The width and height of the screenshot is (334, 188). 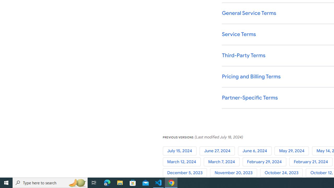 I want to click on 'May 29, 2024', so click(x=293, y=151).